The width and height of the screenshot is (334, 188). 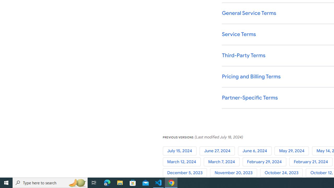 I want to click on 'May 29, 2024', so click(x=293, y=151).